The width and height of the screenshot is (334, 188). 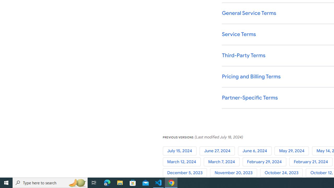 I want to click on 'May 29, 2024', so click(x=293, y=151).